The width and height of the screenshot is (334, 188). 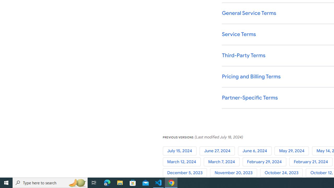 I want to click on 'May 29, 2024', so click(x=293, y=151).